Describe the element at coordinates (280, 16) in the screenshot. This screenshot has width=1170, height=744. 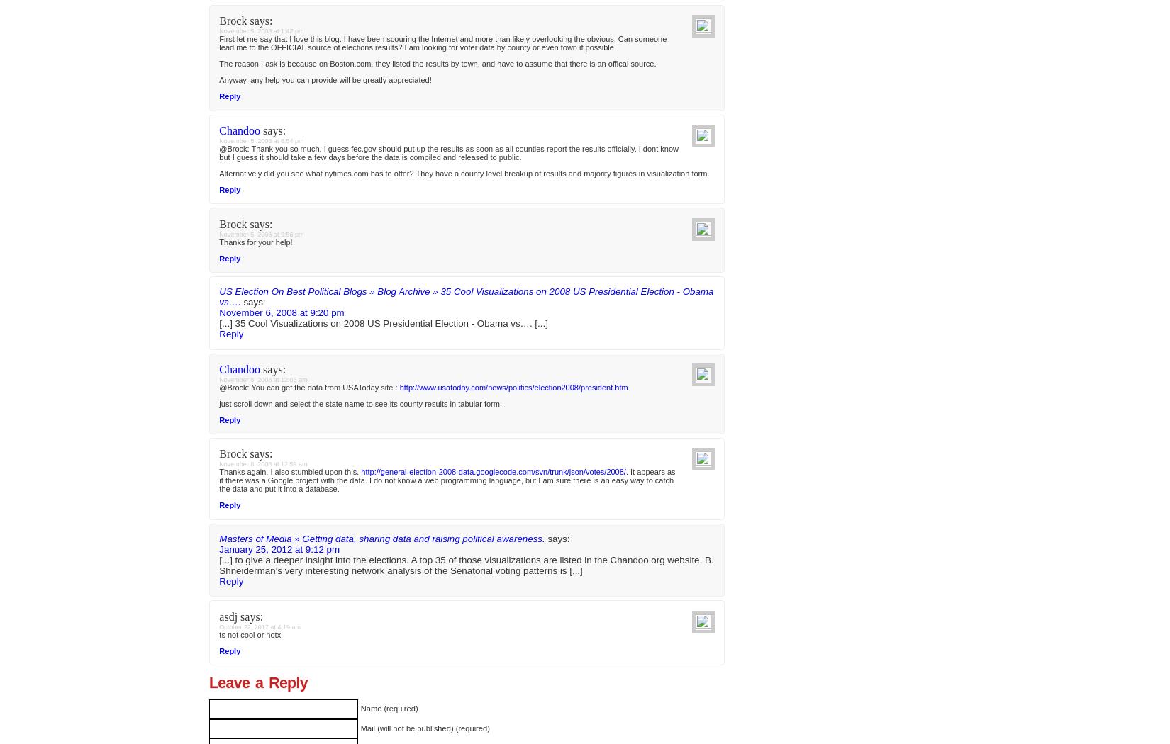
I see `'@Michael .. Welcome to PHD blog'` at that location.